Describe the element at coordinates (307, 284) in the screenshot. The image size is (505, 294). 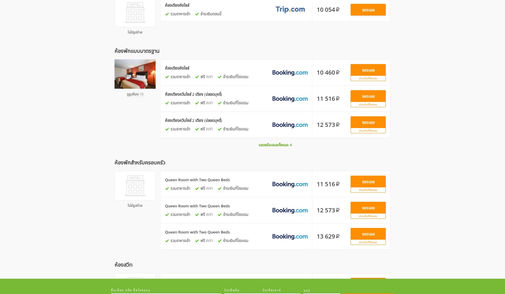
I see `'บน Google Play'` at that location.